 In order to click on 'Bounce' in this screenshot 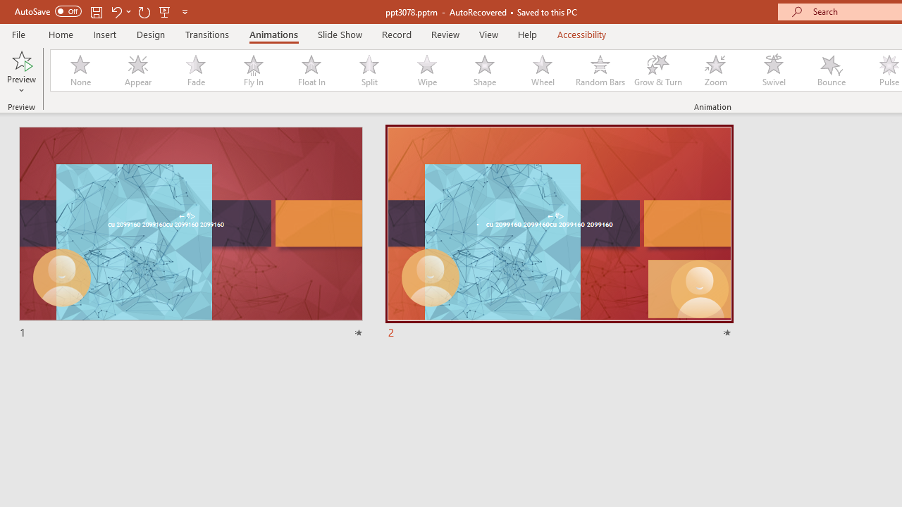, I will do `click(832, 70)`.